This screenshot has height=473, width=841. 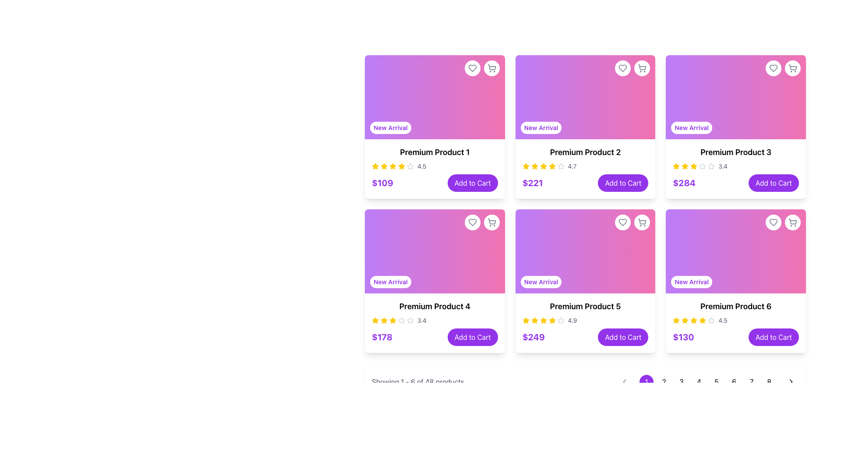 I want to click on the second star-shaped yellow icon in the five-star rating system for 'Premium Product 1', so click(x=401, y=166).